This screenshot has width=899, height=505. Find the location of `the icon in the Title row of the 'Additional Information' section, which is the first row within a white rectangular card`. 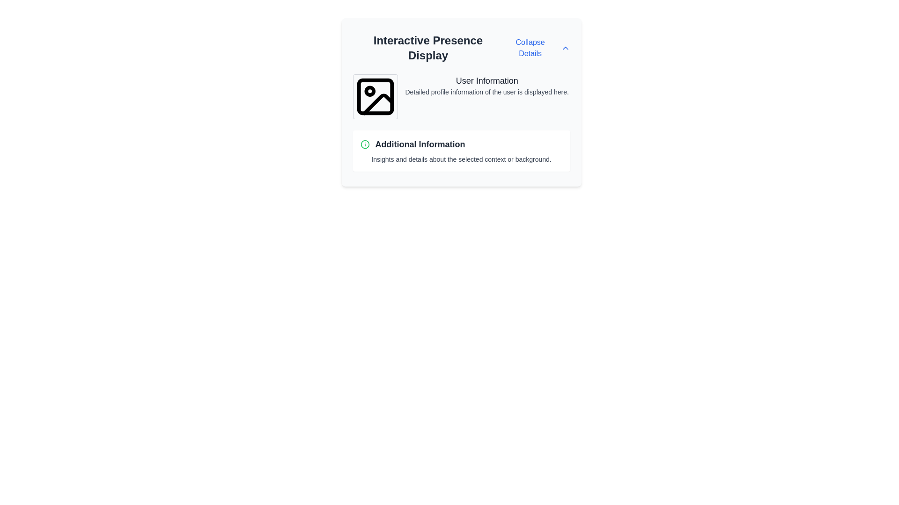

the icon in the Title row of the 'Additional Information' section, which is the first row within a white rectangular card is located at coordinates (461, 144).